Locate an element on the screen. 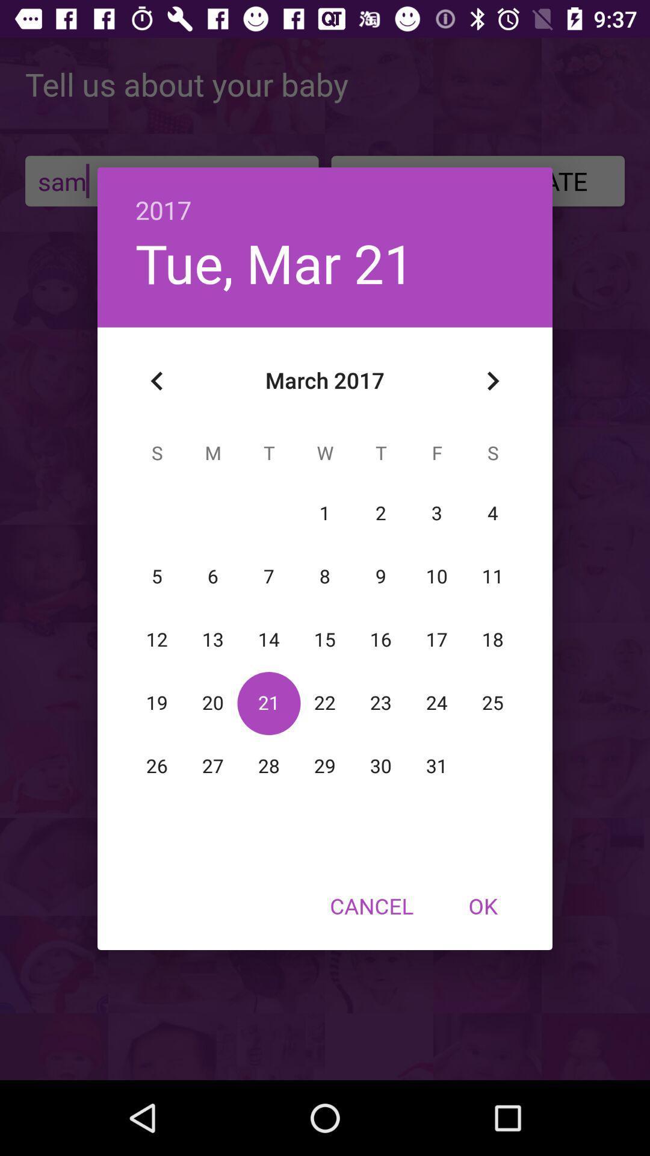 This screenshot has width=650, height=1156. icon at the bottom right corner is located at coordinates (482, 906).